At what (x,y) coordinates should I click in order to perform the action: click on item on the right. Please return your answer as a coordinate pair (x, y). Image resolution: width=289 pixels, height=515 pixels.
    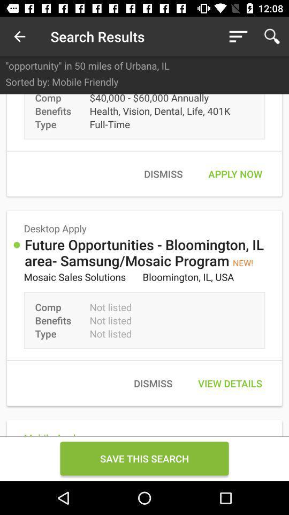
    Looking at the image, I should click on (234, 174).